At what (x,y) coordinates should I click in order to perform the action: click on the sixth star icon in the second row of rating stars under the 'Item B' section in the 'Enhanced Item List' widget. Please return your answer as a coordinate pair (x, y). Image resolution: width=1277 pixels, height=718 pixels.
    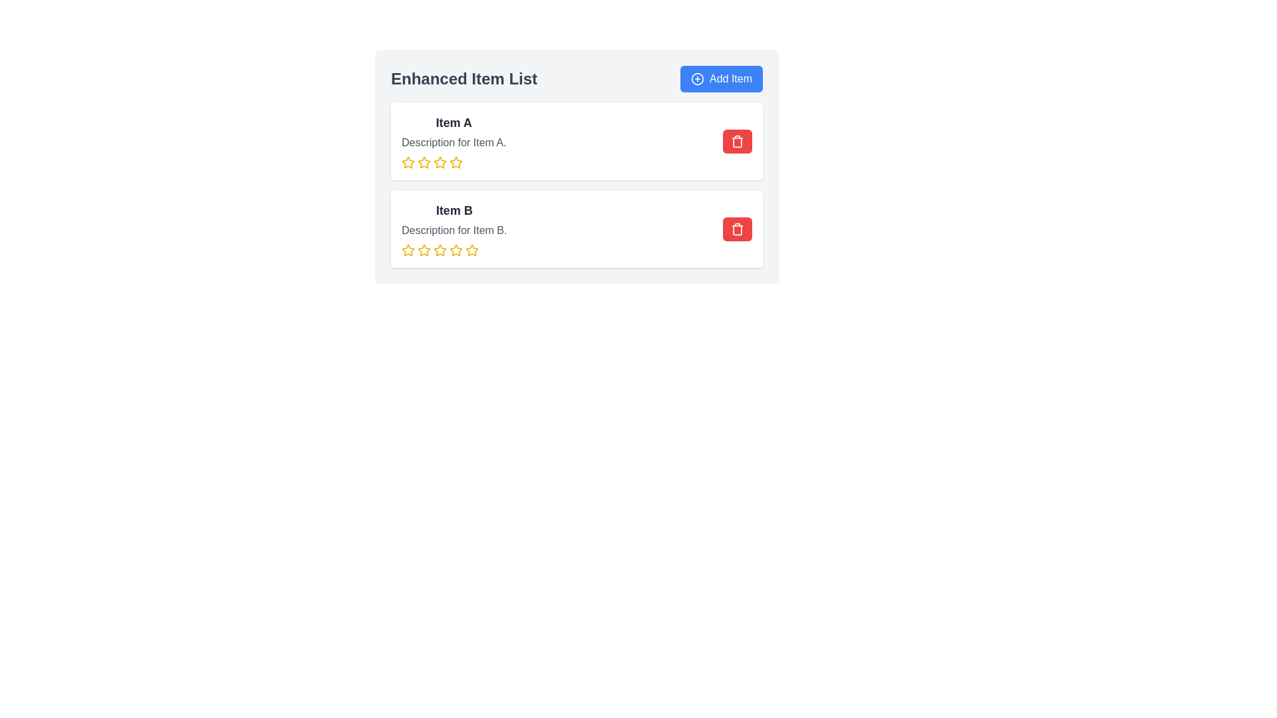
    Looking at the image, I should click on (456, 251).